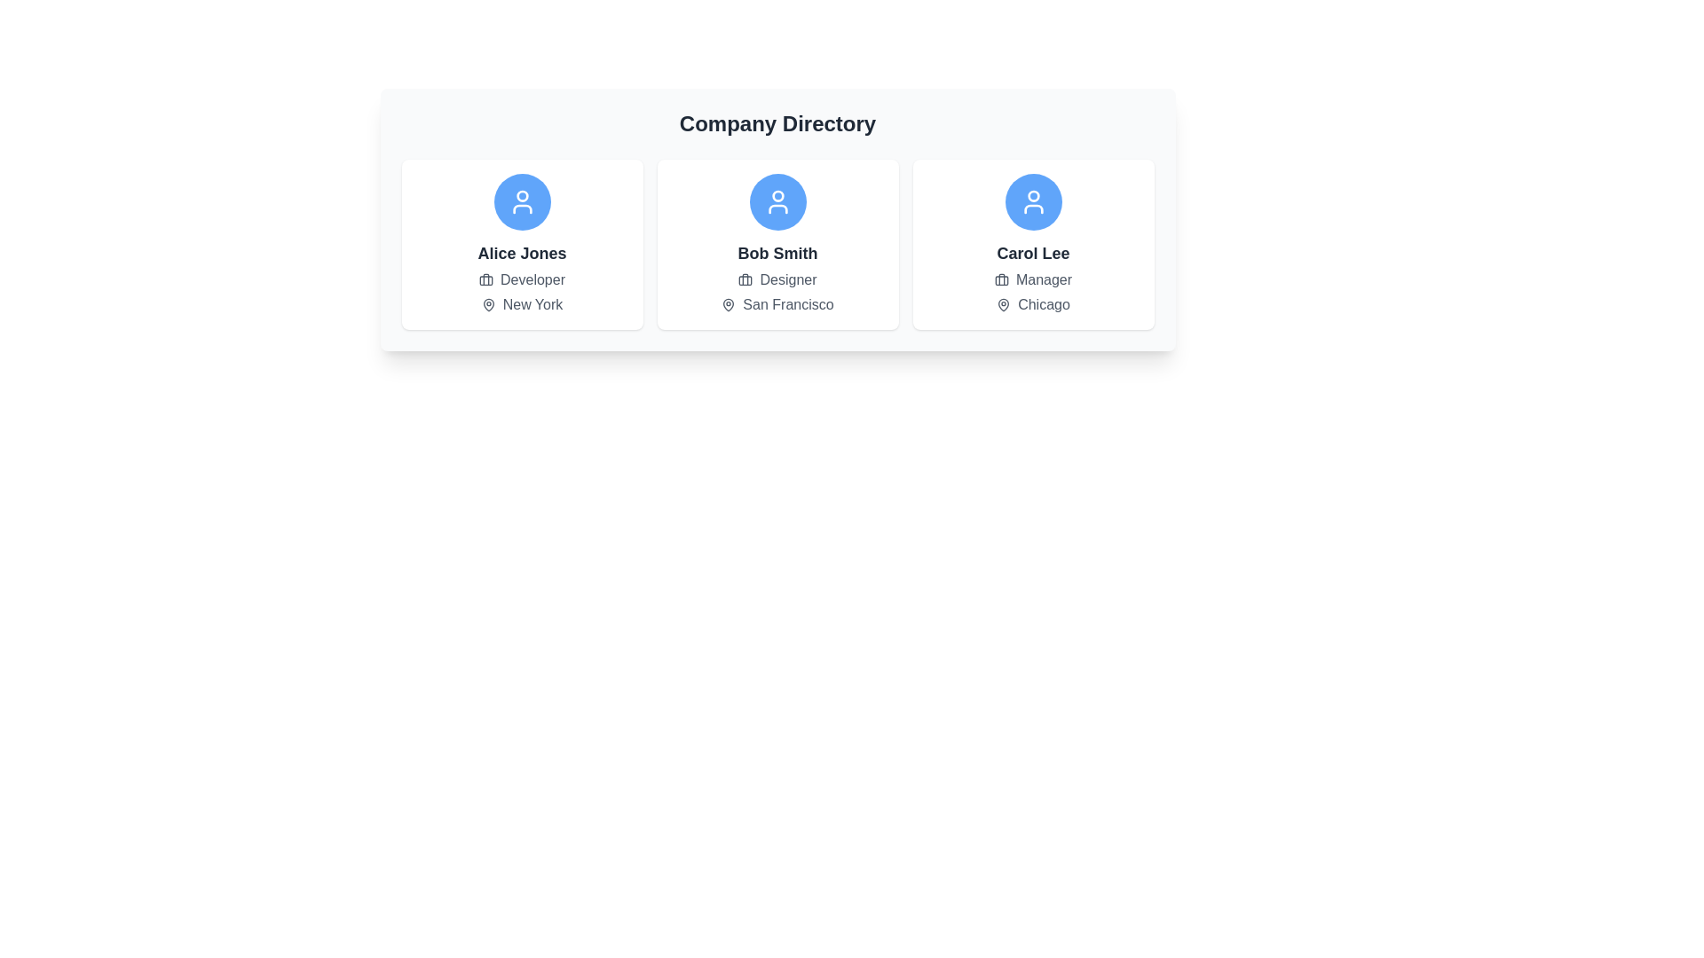 The width and height of the screenshot is (1704, 958). Describe the element at coordinates (1004, 303) in the screenshot. I see `the pin-shaped location icon associated with the 'Chicago' label in Carol Lee's card` at that location.